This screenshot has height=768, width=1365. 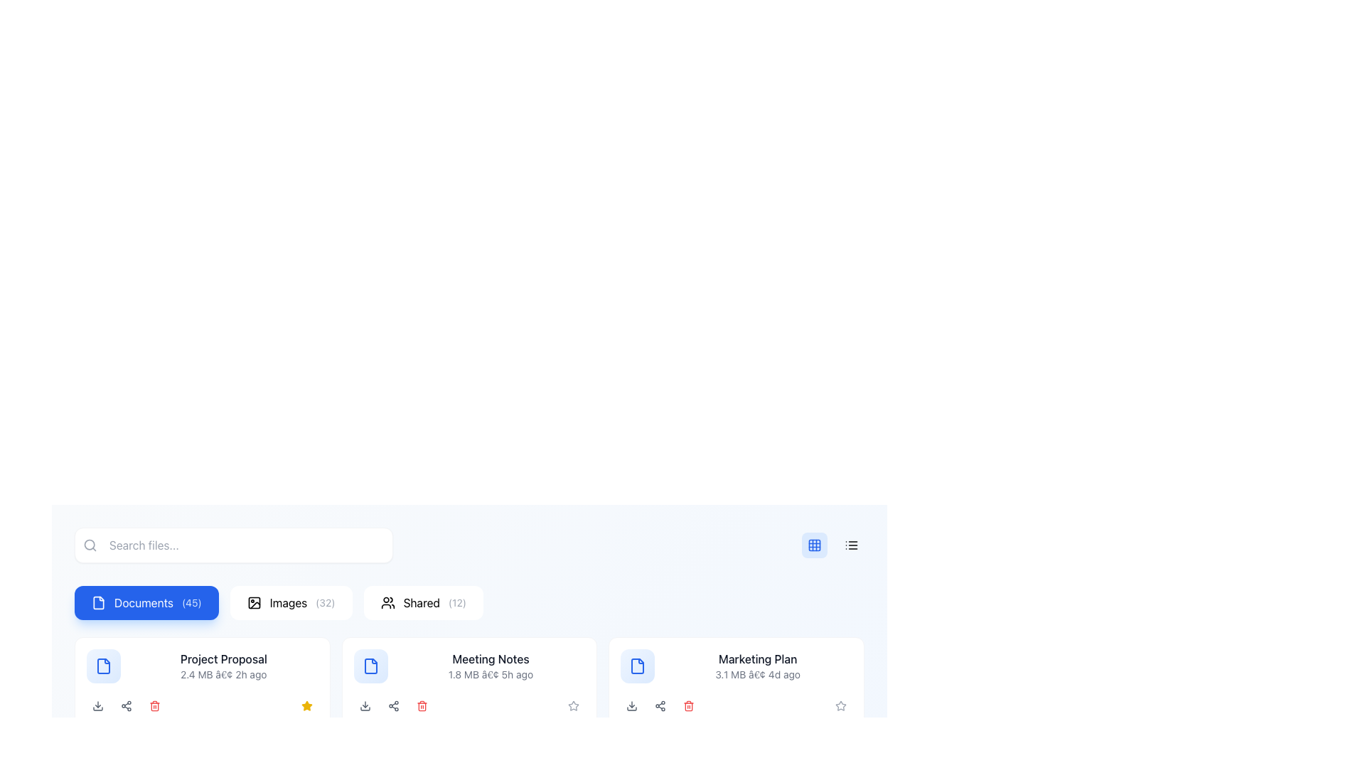 I want to click on the star icon button located at the far-right side of the third card, so click(x=840, y=705).